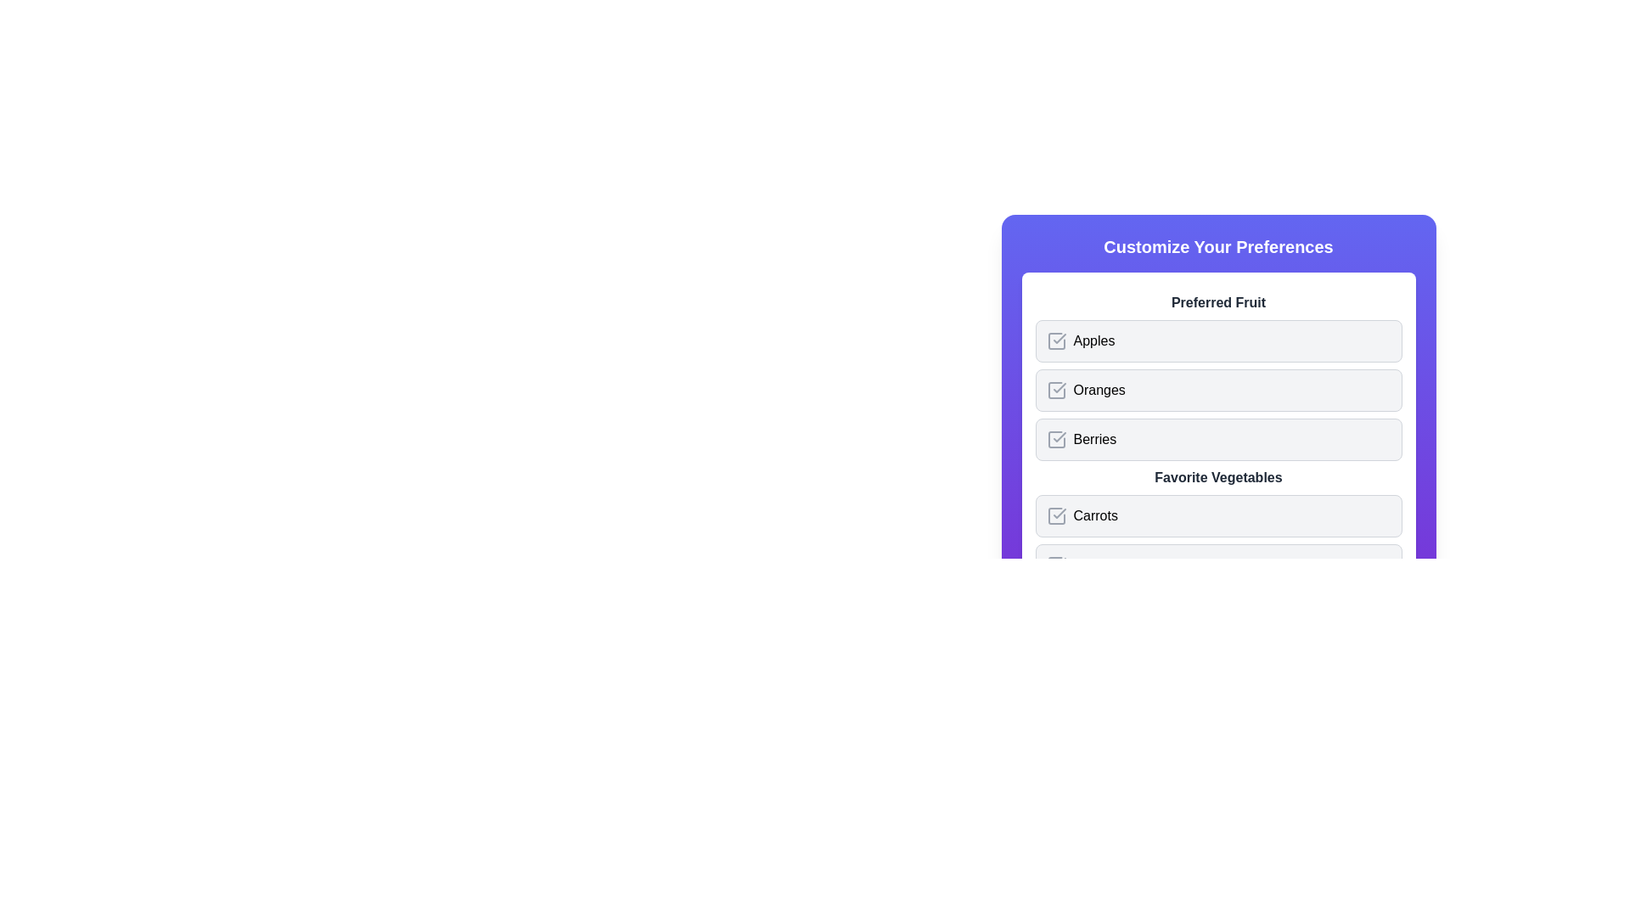  What do you see at coordinates (1059, 513) in the screenshot?
I see `the tick icon representing the selection state for the item 'Carrots' in the 'Favorite Vegetables' list` at bounding box center [1059, 513].